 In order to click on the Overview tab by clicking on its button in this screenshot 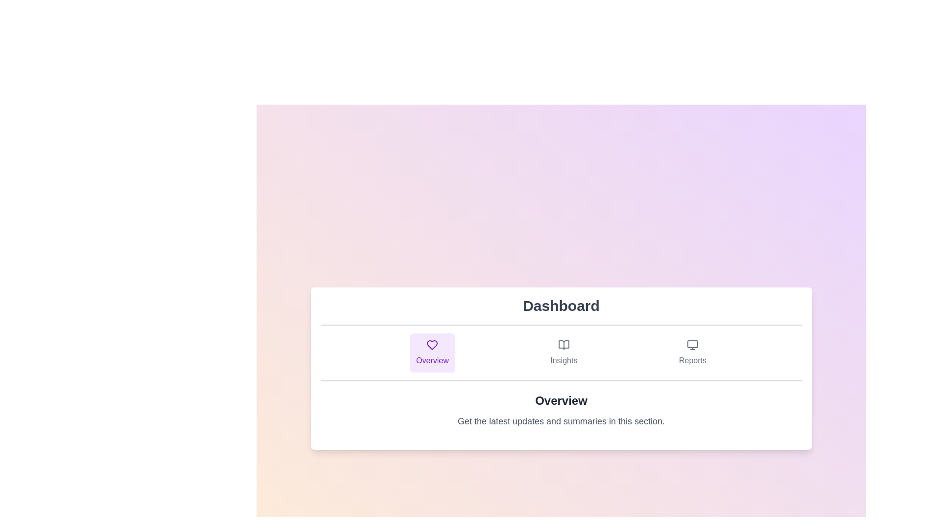, I will do `click(432, 352)`.